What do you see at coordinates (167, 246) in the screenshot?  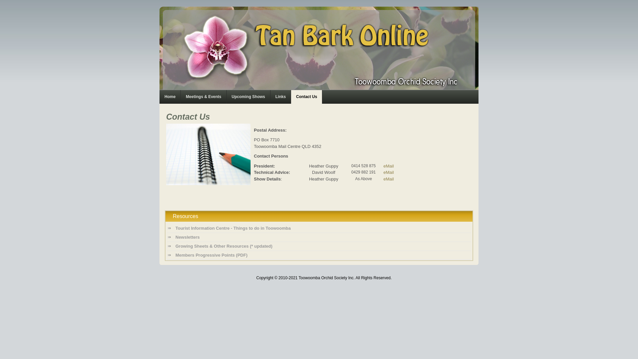 I see `'Growing Sheets & Other Resources (* updated)'` at bounding box center [167, 246].